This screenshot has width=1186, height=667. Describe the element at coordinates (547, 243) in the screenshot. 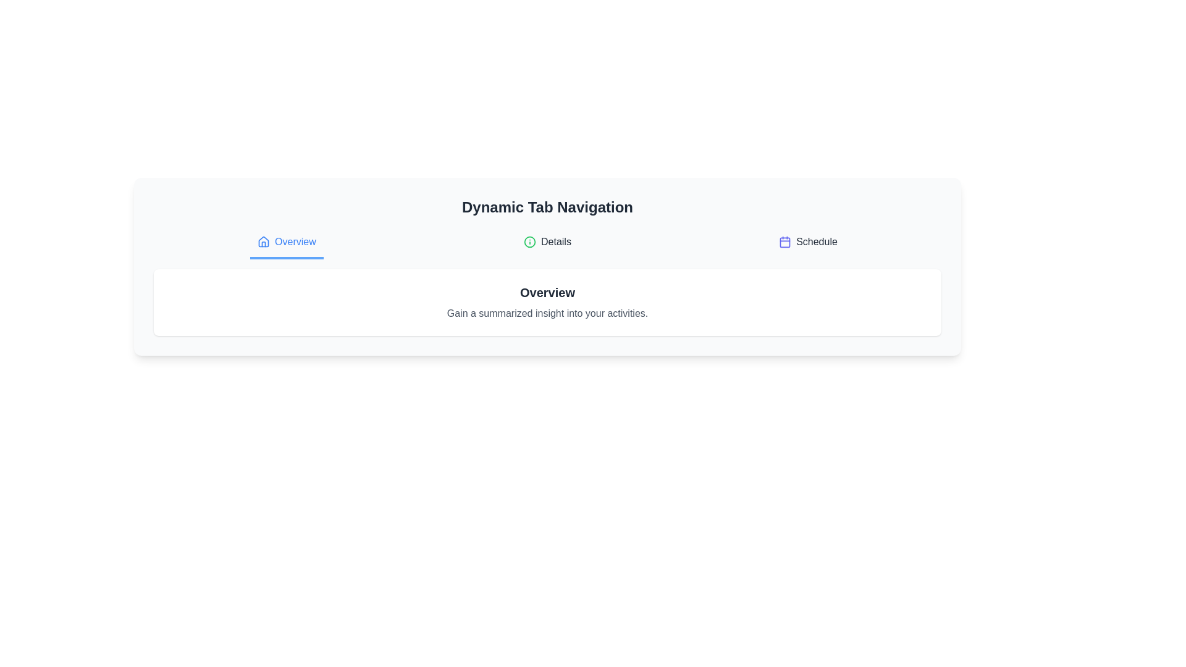

I see `the Details tab to view its content` at that location.